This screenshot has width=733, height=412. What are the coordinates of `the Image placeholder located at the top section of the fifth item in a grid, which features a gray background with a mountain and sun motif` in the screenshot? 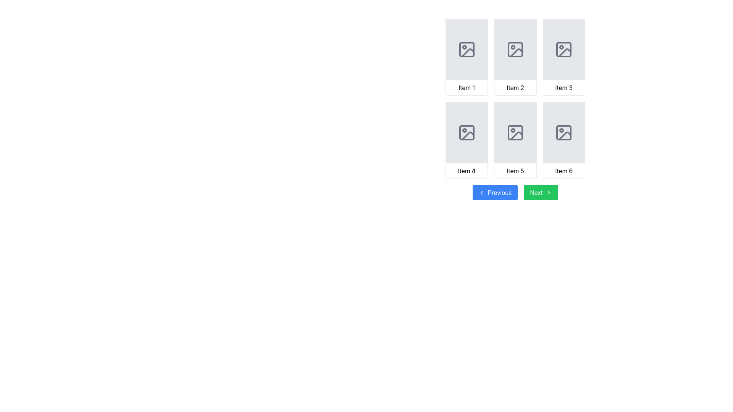 It's located at (515, 132).